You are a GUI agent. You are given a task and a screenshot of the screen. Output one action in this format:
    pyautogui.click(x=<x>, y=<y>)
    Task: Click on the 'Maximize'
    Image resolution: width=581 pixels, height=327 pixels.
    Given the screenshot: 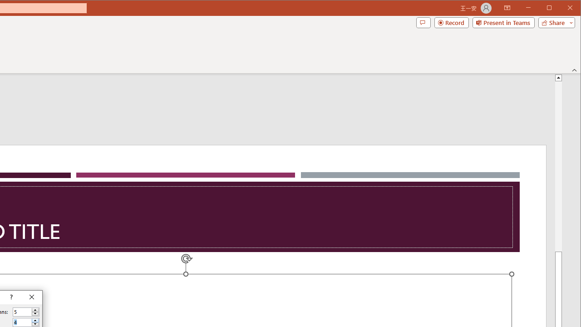 What is the action you would take?
    pyautogui.click(x=562, y=9)
    